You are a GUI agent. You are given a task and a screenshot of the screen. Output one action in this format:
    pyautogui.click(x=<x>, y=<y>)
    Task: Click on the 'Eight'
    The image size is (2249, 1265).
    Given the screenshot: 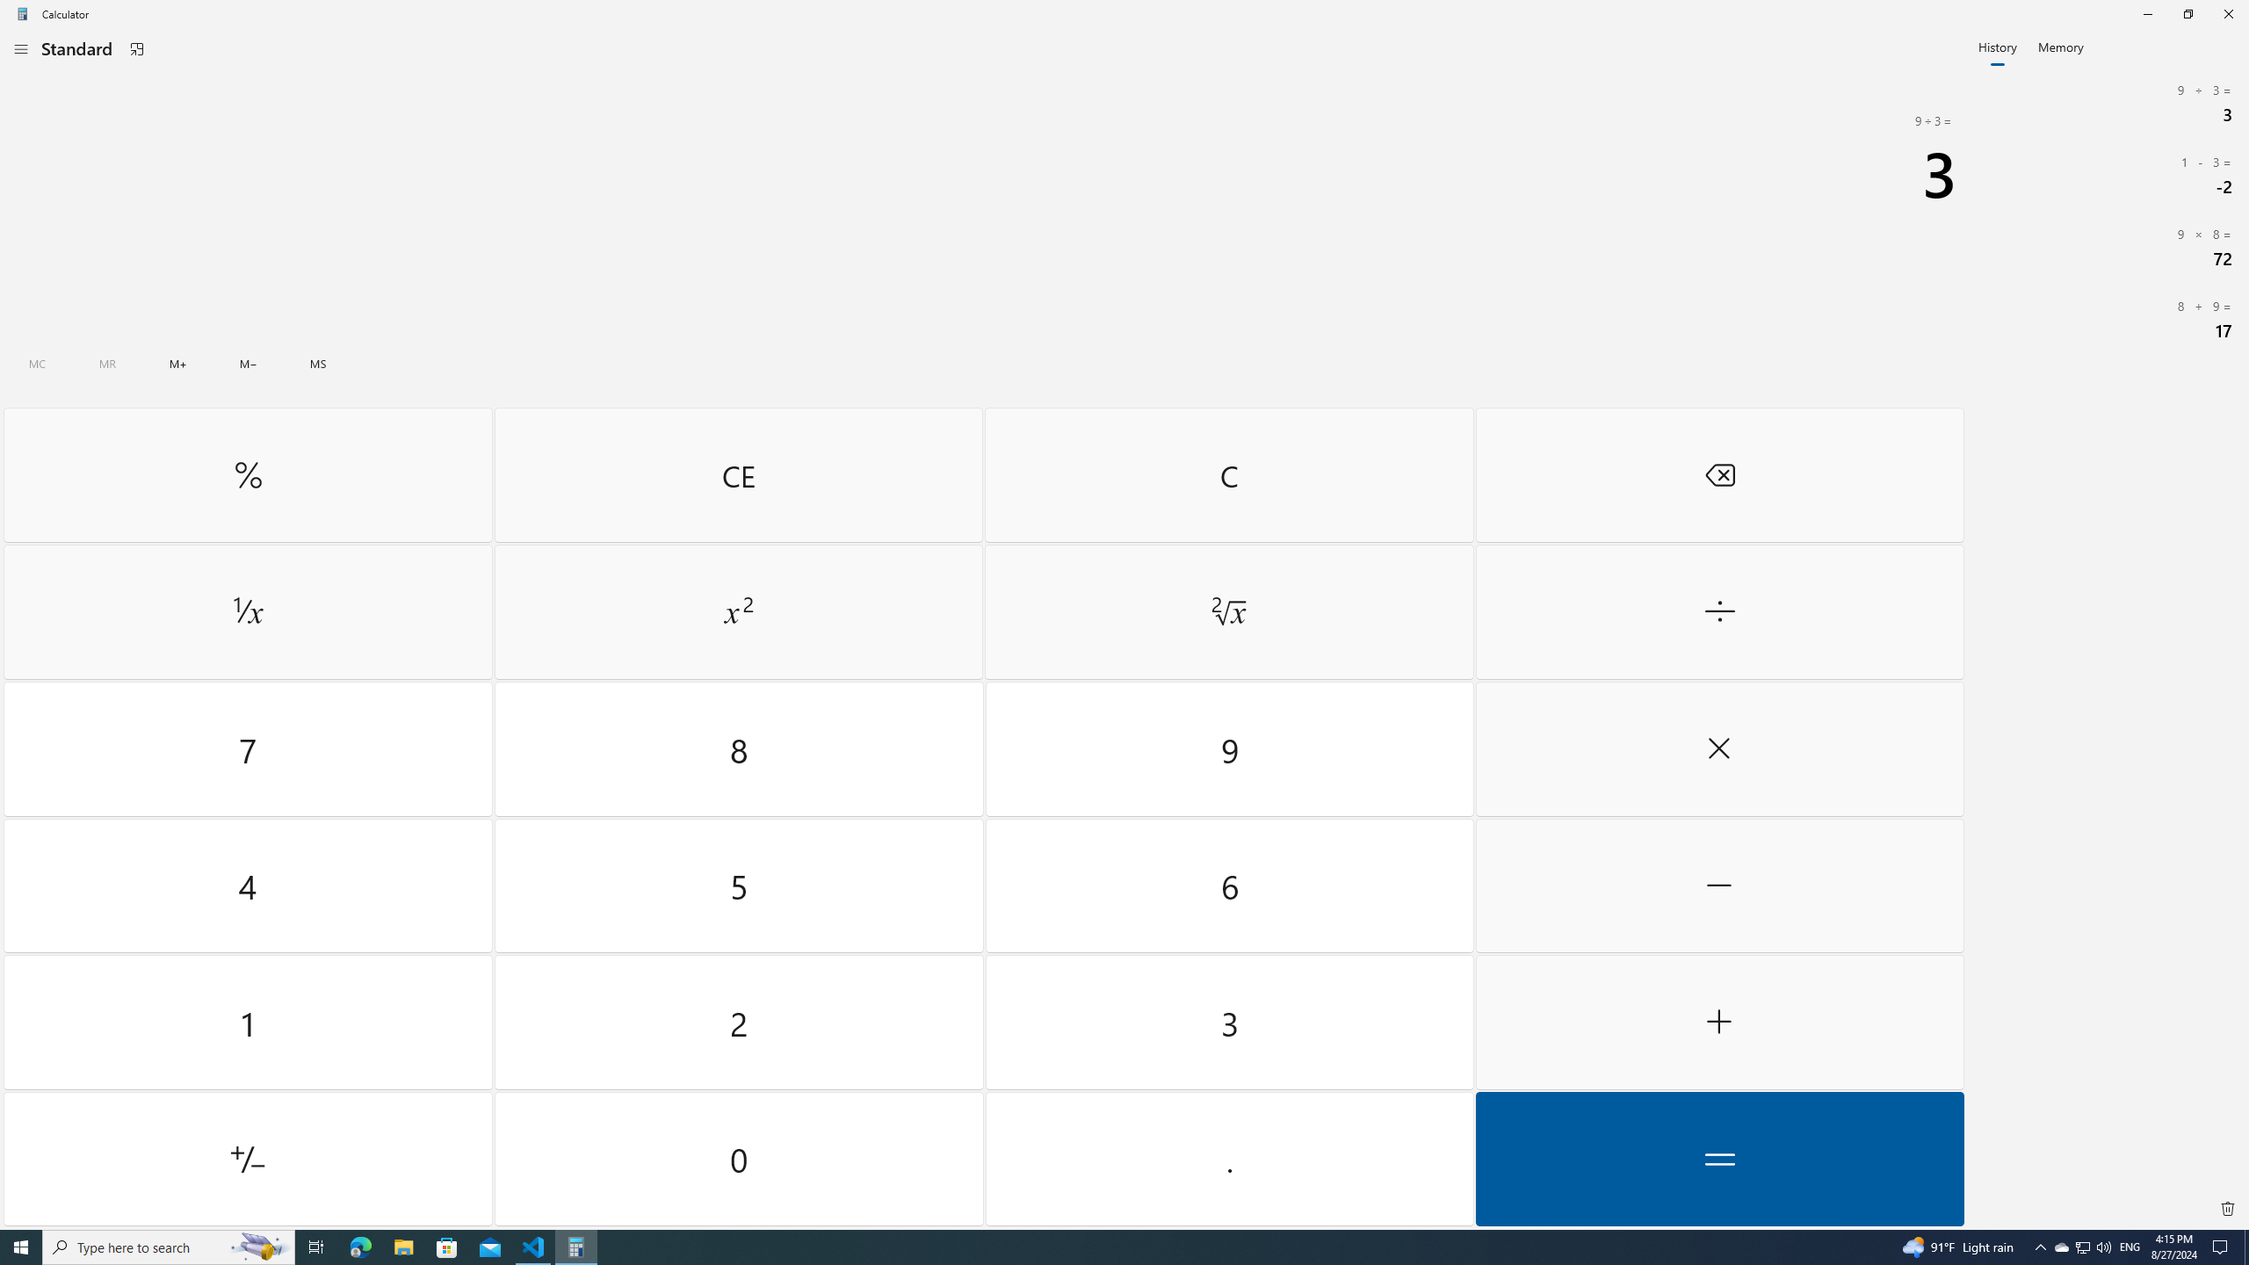 What is the action you would take?
    pyautogui.click(x=739, y=749)
    